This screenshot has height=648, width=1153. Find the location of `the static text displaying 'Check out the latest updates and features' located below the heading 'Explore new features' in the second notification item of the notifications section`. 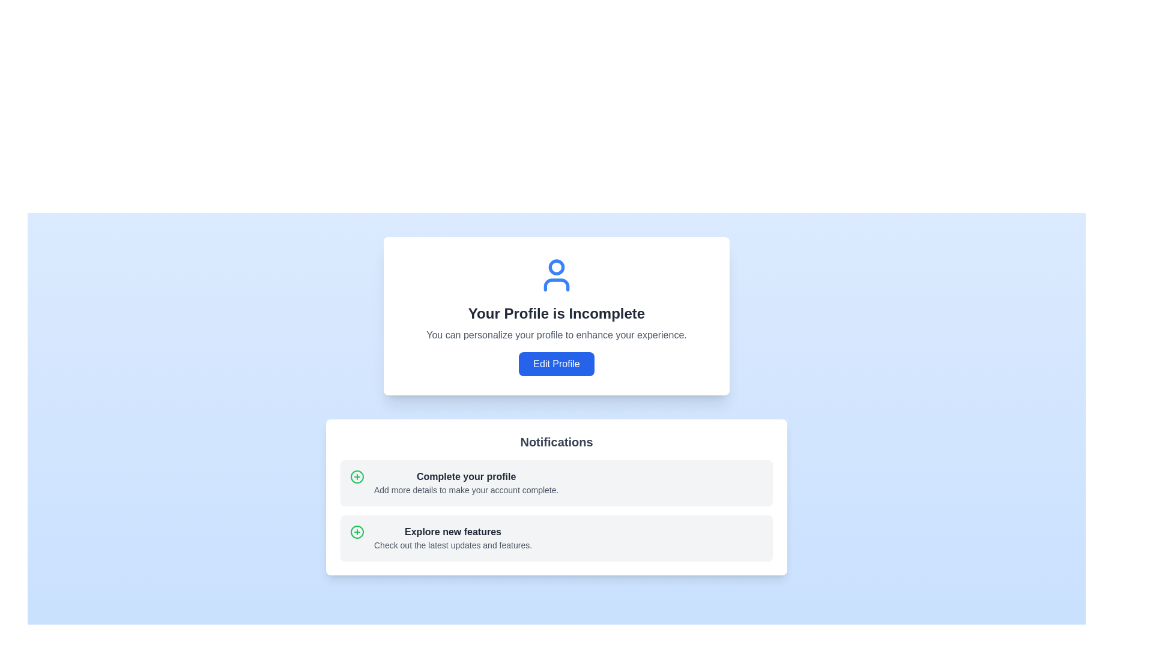

the static text displaying 'Check out the latest updates and features' located below the heading 'Explore new features' in the second notification item of the notifications section is located at coordinates (452, 545).